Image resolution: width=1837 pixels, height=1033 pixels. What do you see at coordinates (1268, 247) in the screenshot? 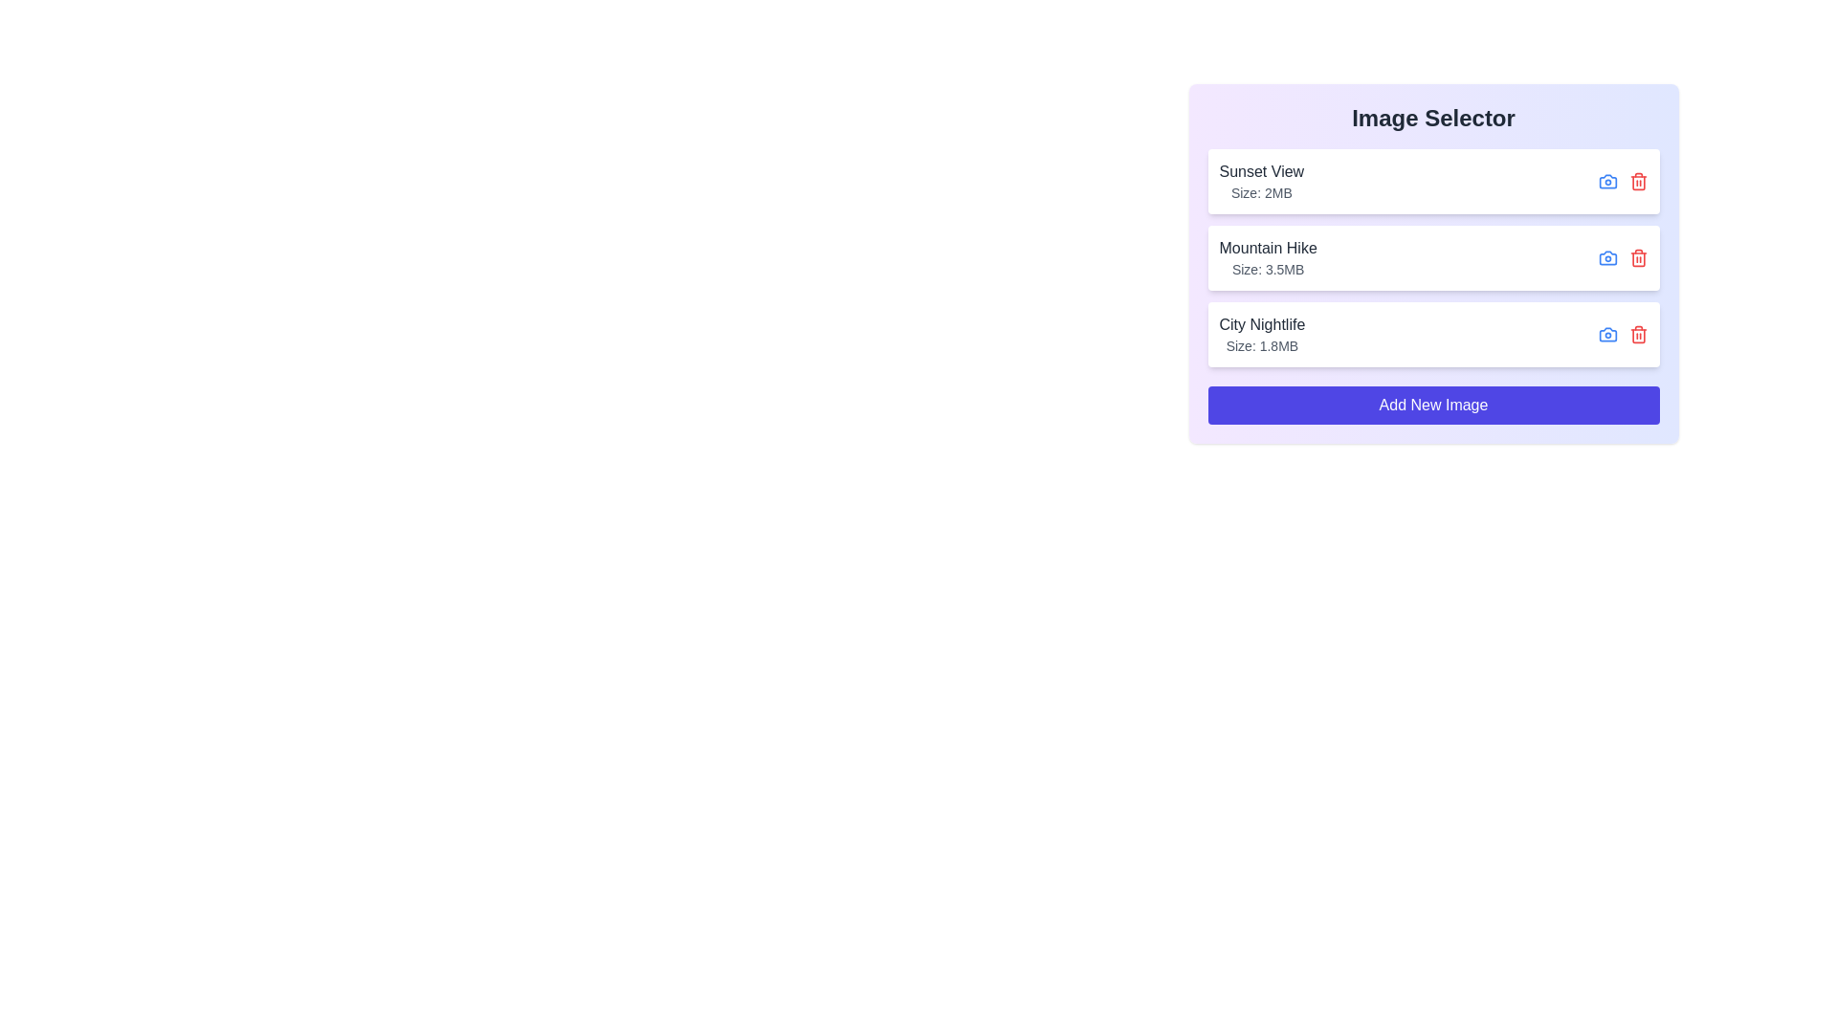
I see `the name of the image to select it. The parameter Mountain Hike specifies the name of the image to be selected` at bounding box center [1268, 247].